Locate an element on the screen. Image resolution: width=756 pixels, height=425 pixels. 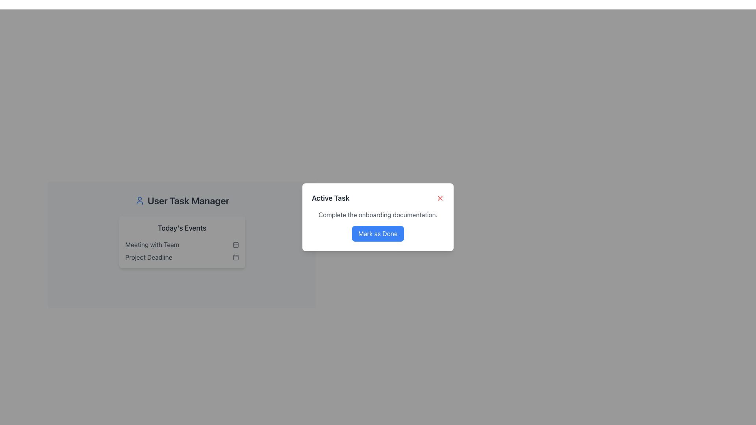
the Text Label that serves as the heading for today's events, located at the top of the card is located at coordinates (182, 228).